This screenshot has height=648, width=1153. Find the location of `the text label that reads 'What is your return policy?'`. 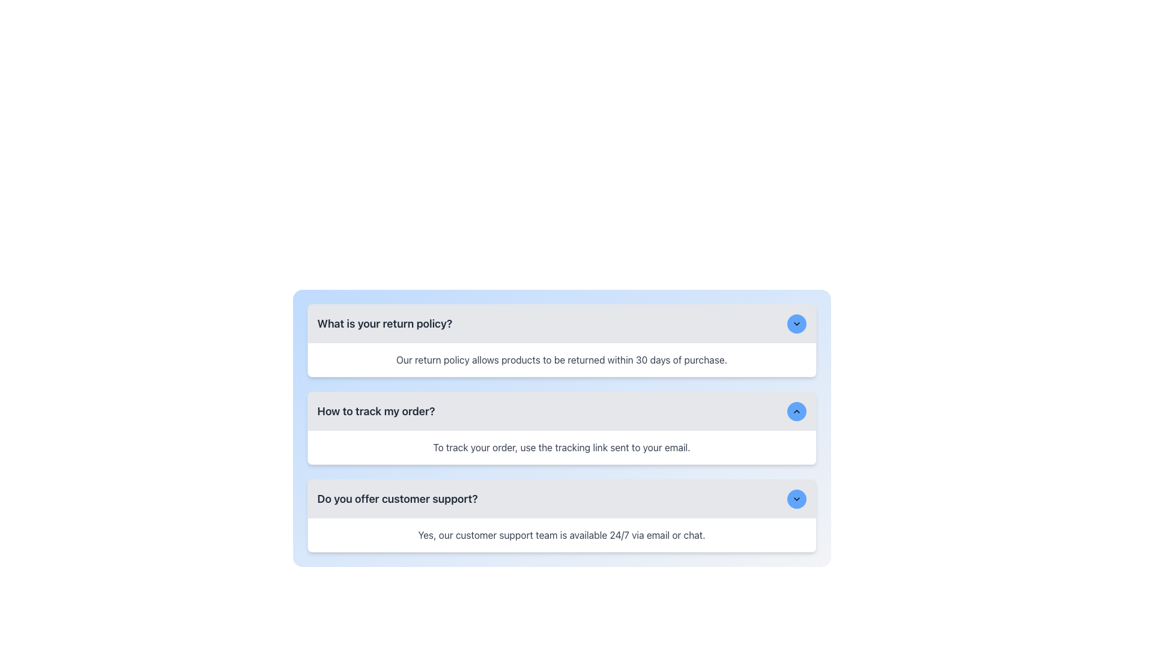

the text label that reads 'What is your return policy?' is located at coordinates (384, 324).